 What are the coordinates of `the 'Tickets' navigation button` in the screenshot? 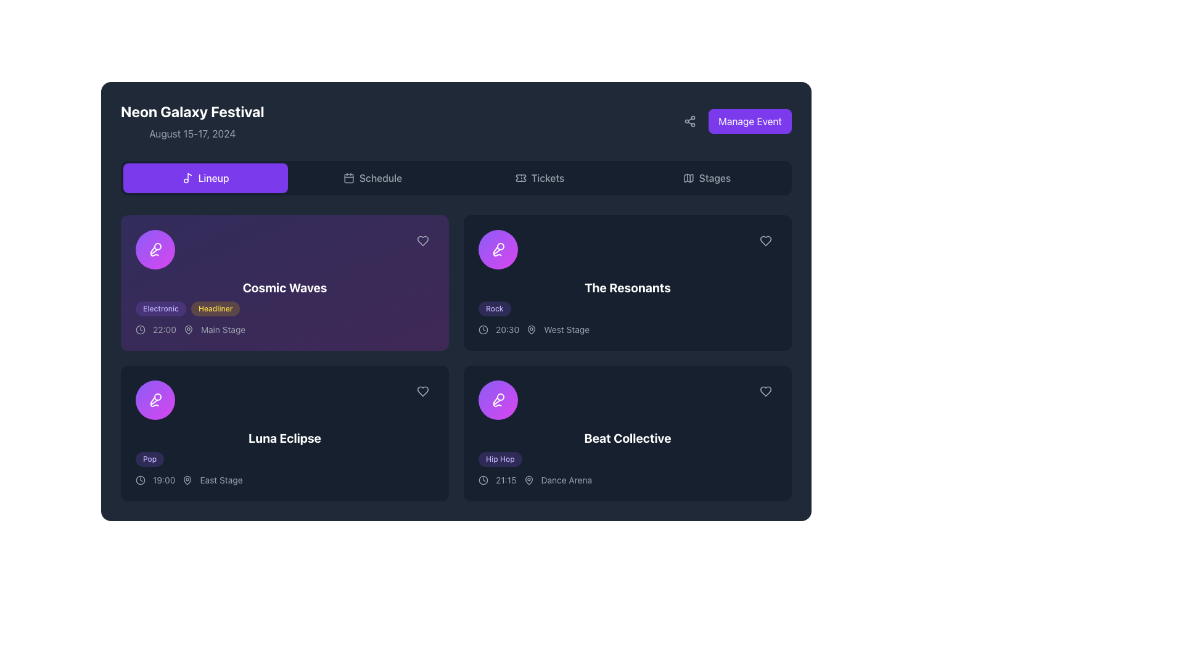 It's located at (540, 178).